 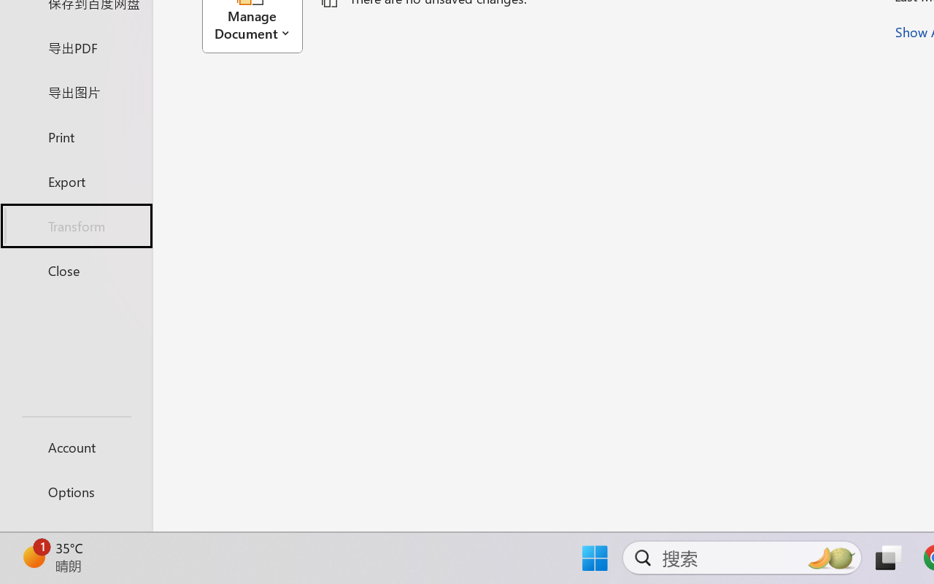 What do you see at coordinates (75, 491) in the screenshot?
I see `'Options'` at bounding box center [75, 491].